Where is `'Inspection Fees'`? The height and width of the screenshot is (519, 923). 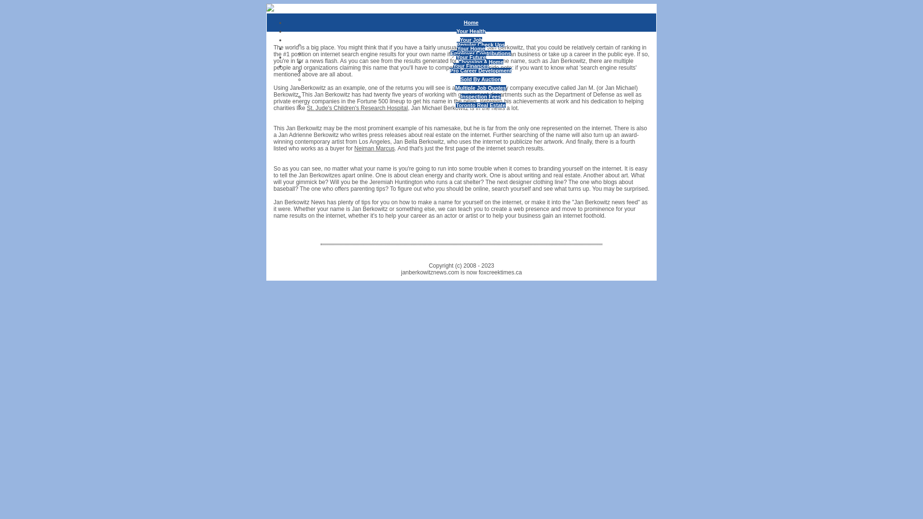
'Inspection Fees' is located at coordinates (480, 96).